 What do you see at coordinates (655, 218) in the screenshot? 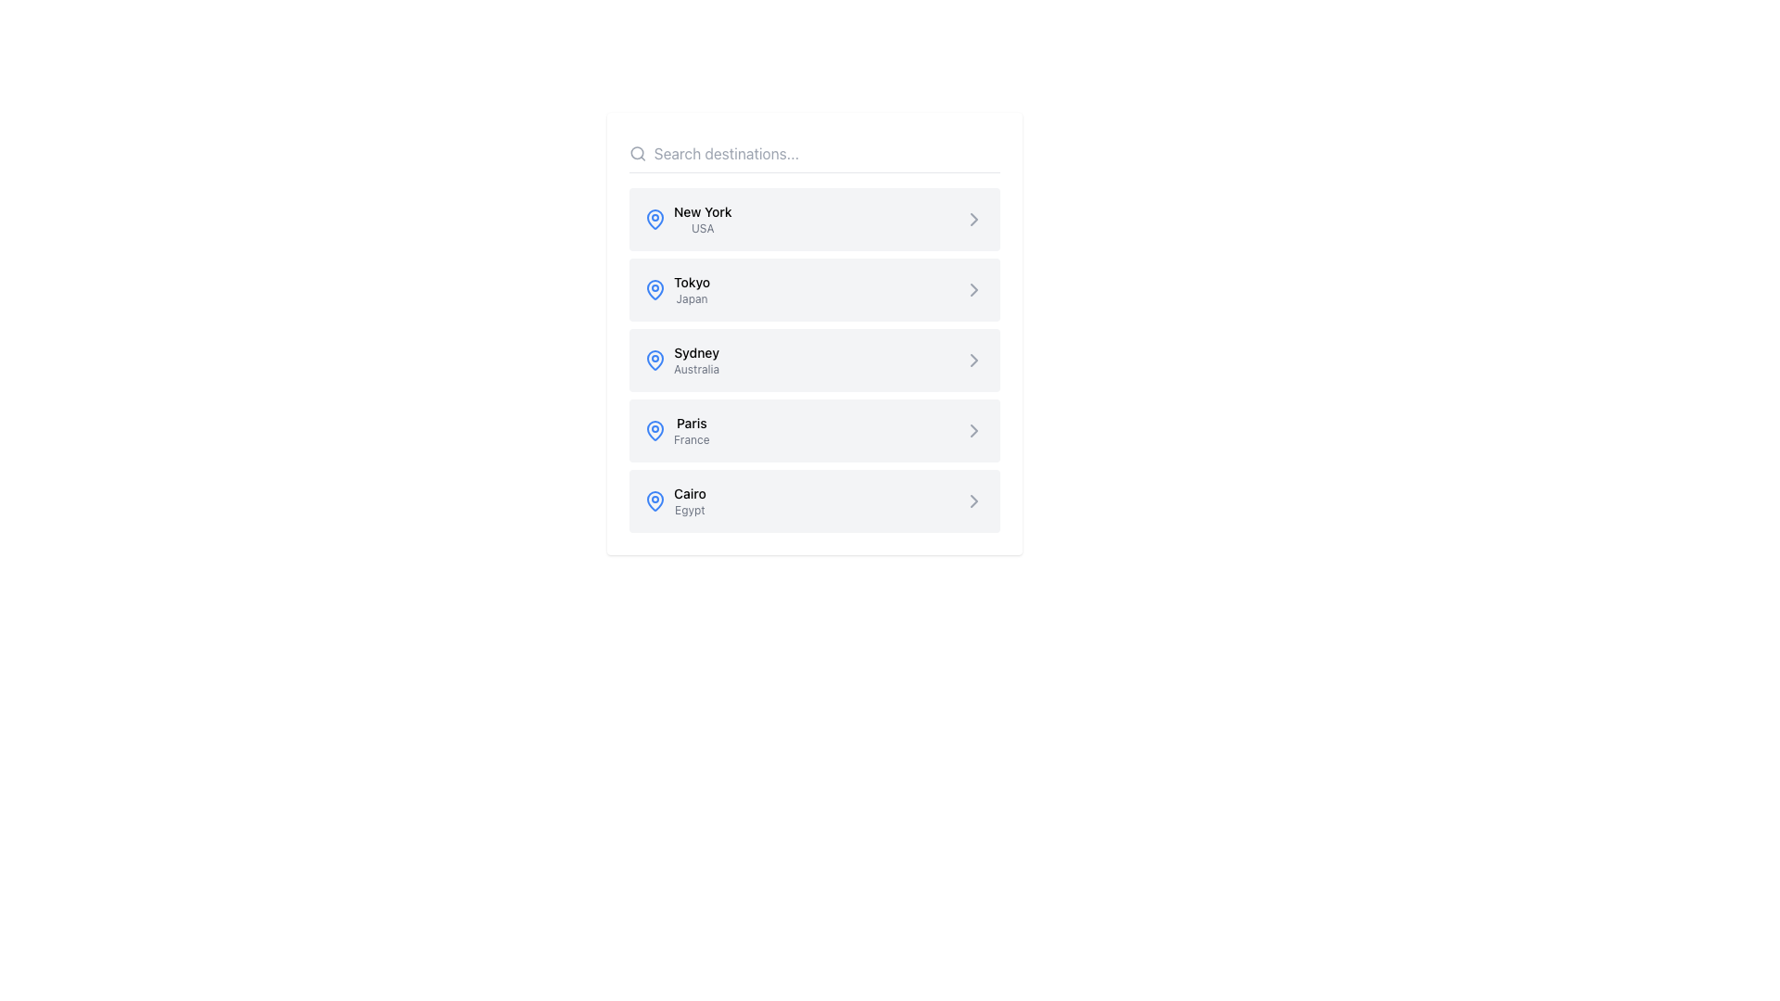
I see `the map pin icon that marks the location for 'New York, USA' in the first item of the vertically stacked list` at bounding box center [655, 218].